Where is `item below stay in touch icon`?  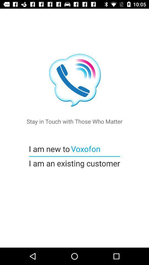
item below stay in touch icon is located at coordinates (85, 149).